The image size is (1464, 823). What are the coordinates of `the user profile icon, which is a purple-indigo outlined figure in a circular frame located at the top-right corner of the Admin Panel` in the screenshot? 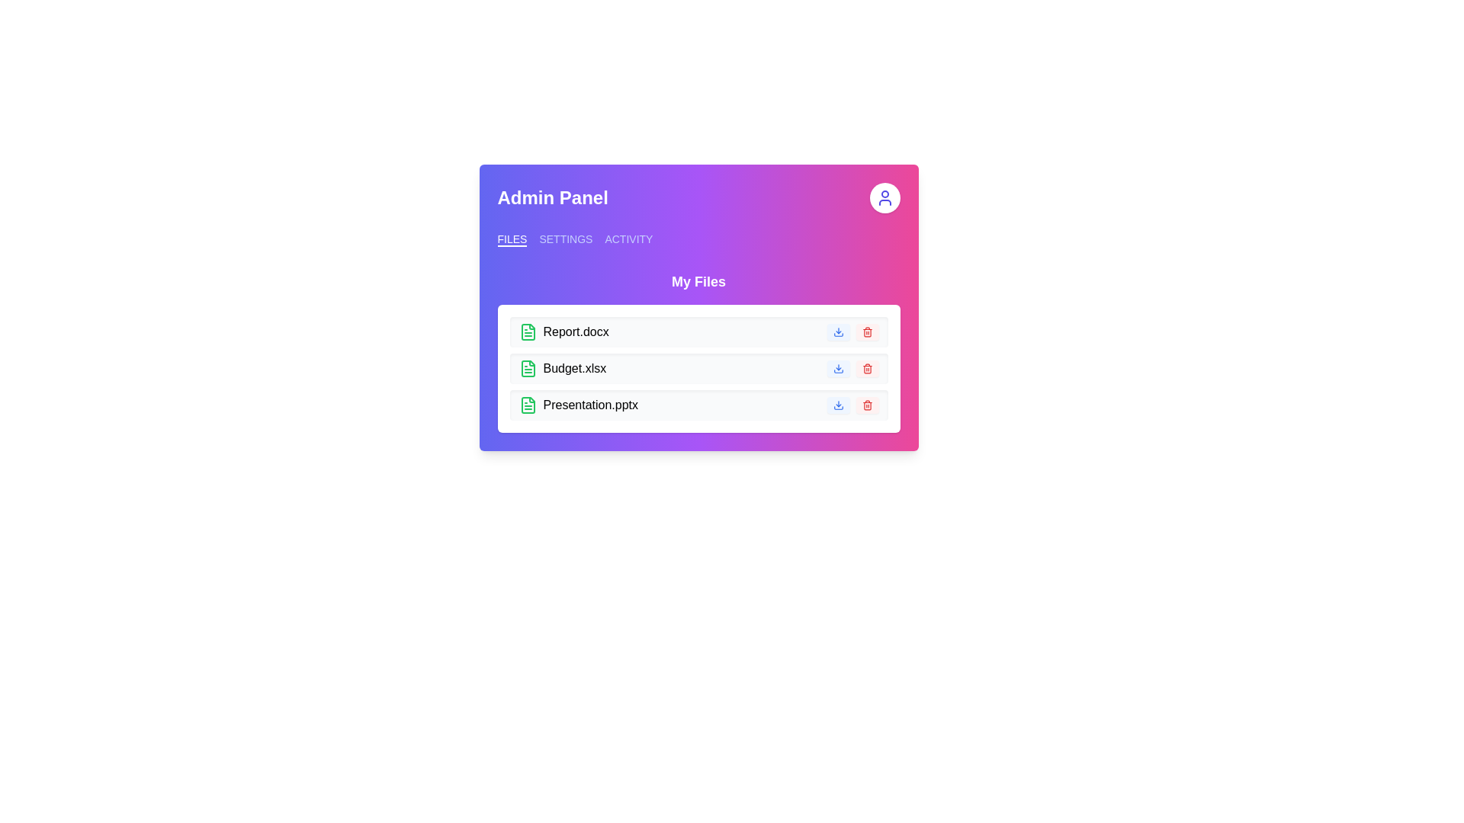 It's located at (884, 197).